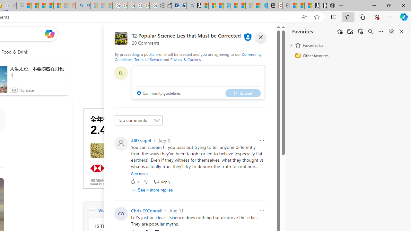  I want to click on 'Add folder', so click(349, 31).